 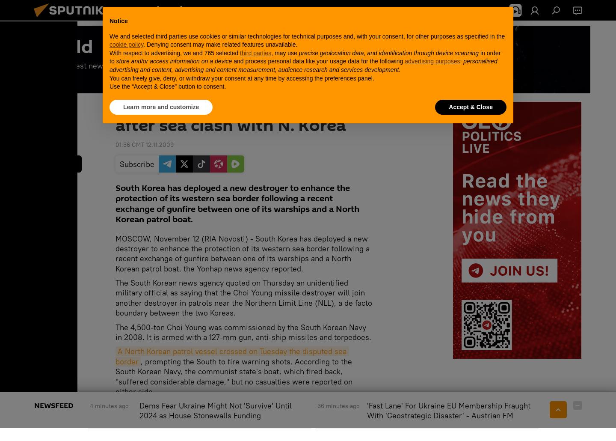 What do you see at coordinates (318, 60) in the screenshot?
I see `'and process personal data like your usage data for the following'` at bounding box center [318, 60].